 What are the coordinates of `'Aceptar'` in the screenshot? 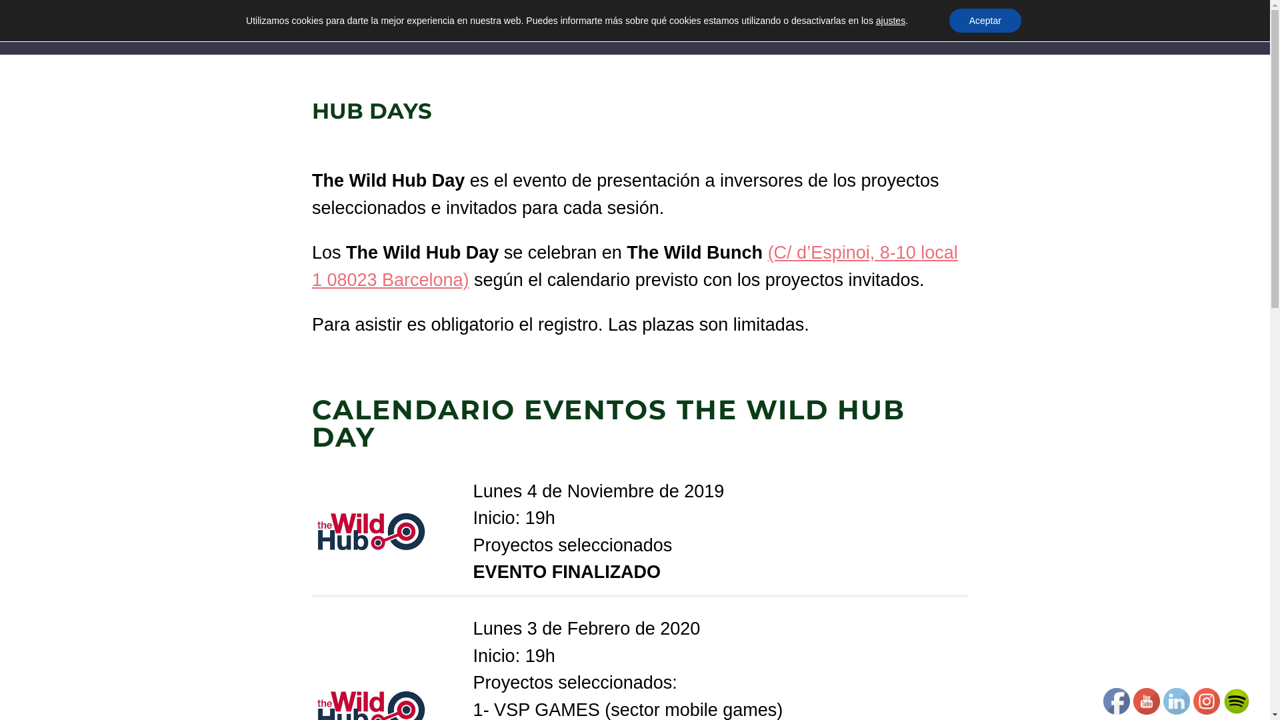 It's located at (949, 20).